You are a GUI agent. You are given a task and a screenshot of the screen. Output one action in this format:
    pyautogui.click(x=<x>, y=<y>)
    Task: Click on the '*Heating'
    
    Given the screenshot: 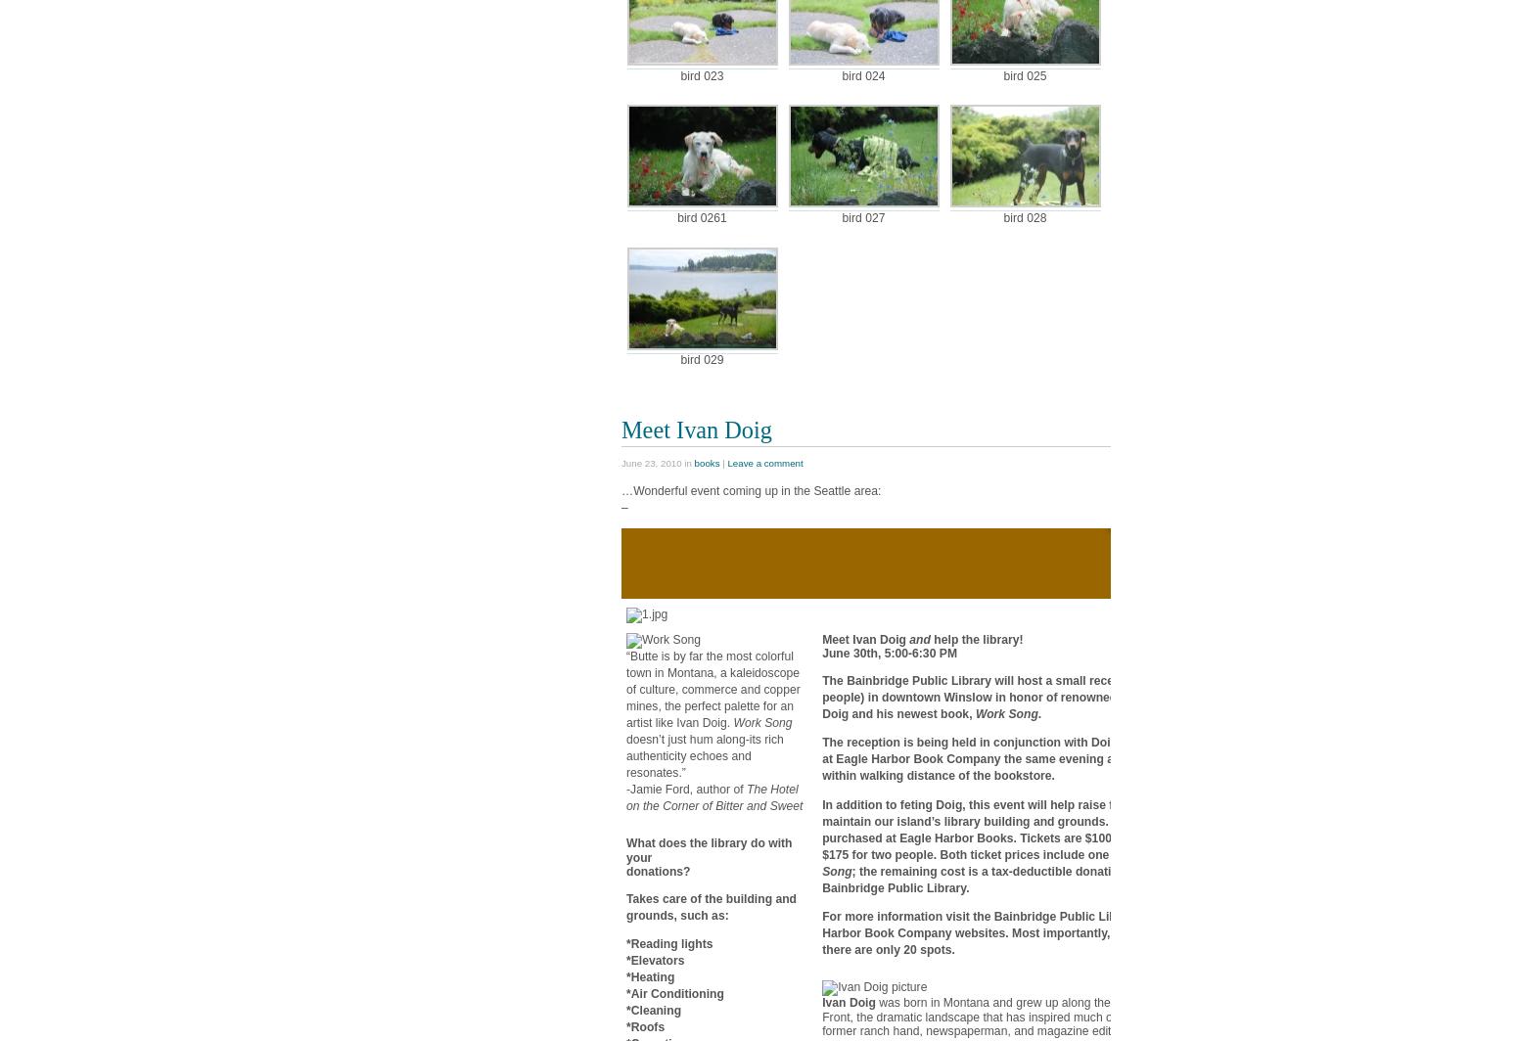 What is the action you would take?
    pyautogui.click(x=649, y=976)
    